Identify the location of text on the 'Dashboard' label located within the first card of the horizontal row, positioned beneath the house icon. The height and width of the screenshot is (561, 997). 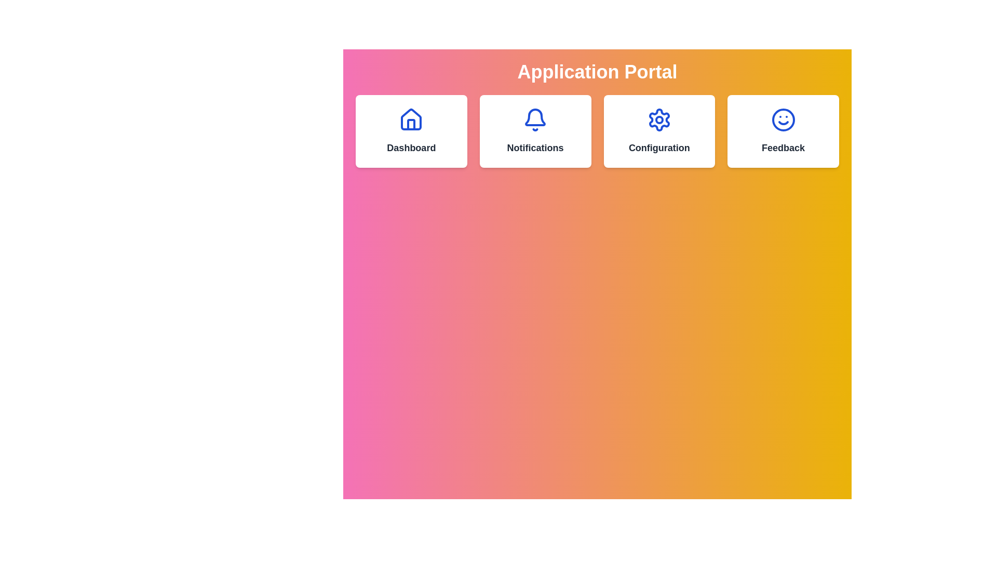
(411, 148).